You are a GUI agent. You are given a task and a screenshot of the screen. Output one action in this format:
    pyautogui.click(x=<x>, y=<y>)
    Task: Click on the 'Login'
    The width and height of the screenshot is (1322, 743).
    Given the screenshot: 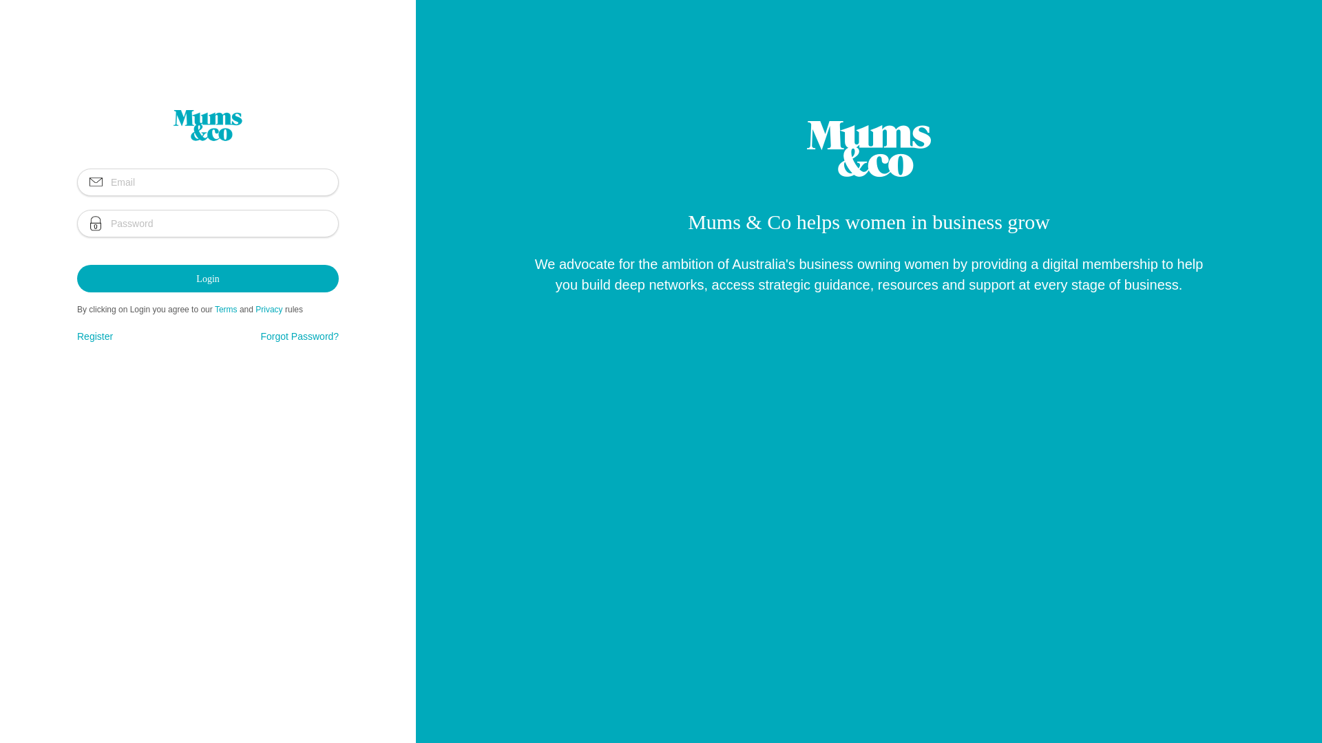 What is the action you would take?
    pyautogui.click(x=207, y=279)
    